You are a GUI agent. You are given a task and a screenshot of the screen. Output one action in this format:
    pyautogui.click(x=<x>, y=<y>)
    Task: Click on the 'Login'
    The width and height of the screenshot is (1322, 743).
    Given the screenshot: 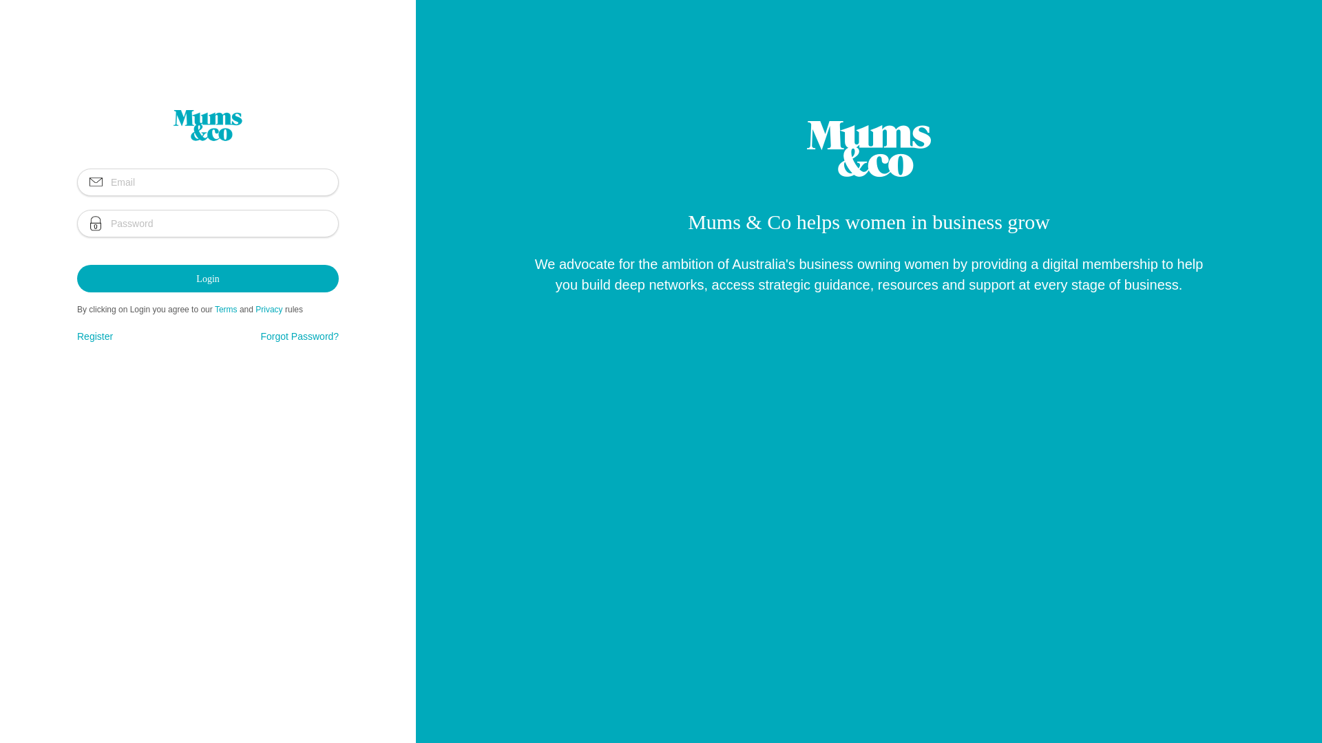 What is the action you would take?
    pyautogui.click(x=207, y=279)
    